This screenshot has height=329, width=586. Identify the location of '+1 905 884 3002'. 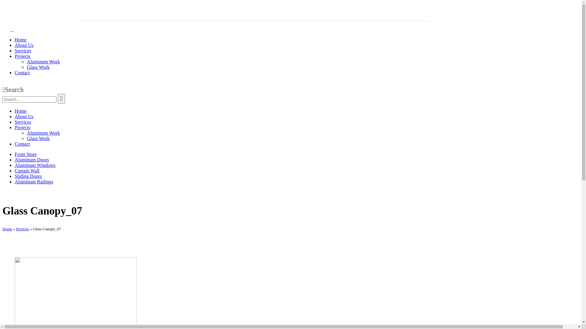
(46, 7).